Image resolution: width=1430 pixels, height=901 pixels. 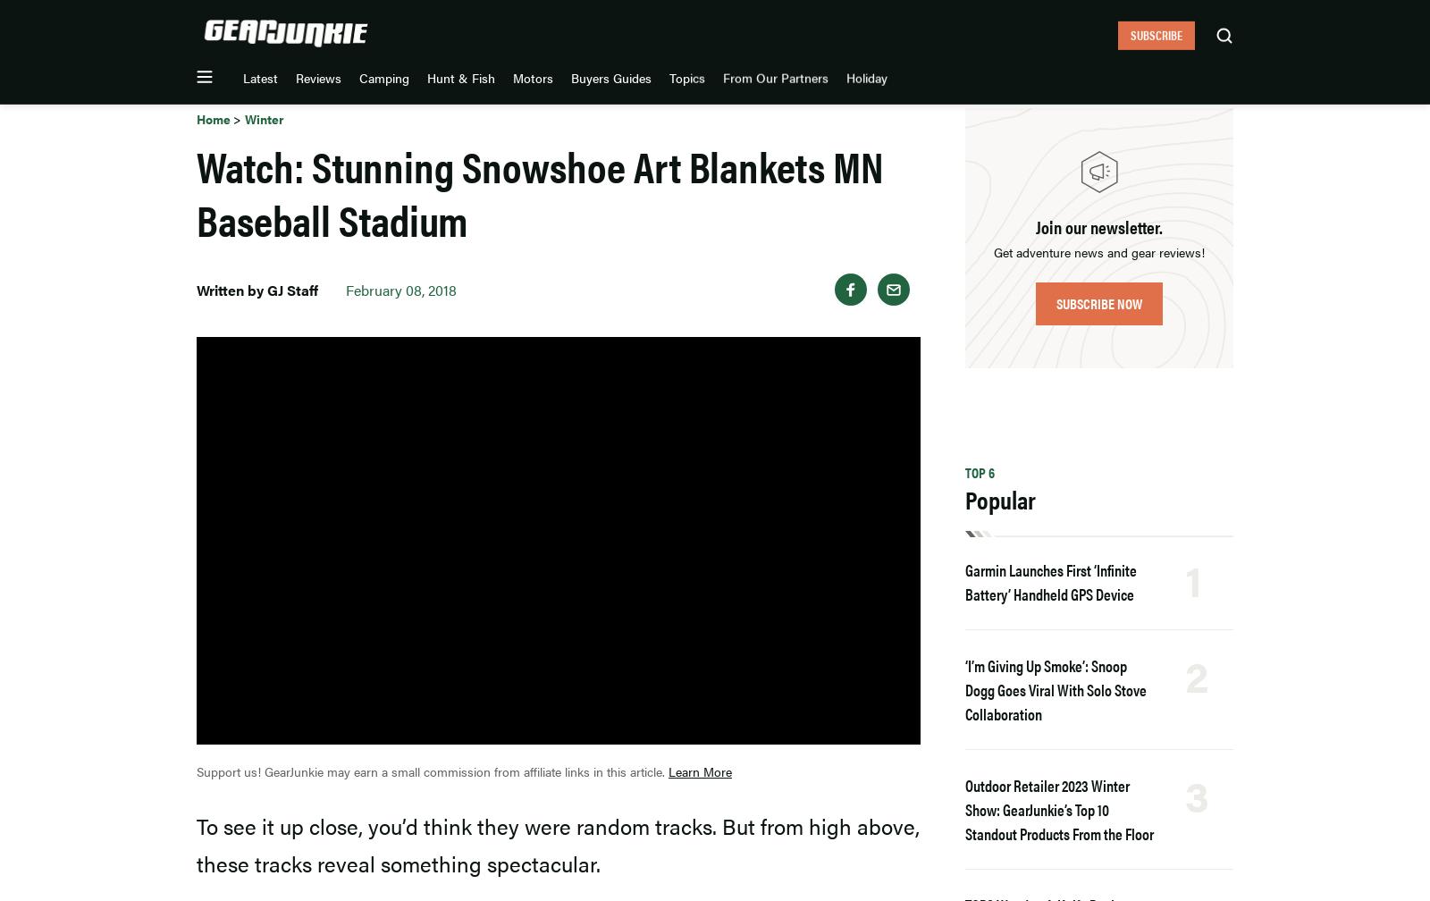 I want to click on 'Winter', so click(x=245, y=118).